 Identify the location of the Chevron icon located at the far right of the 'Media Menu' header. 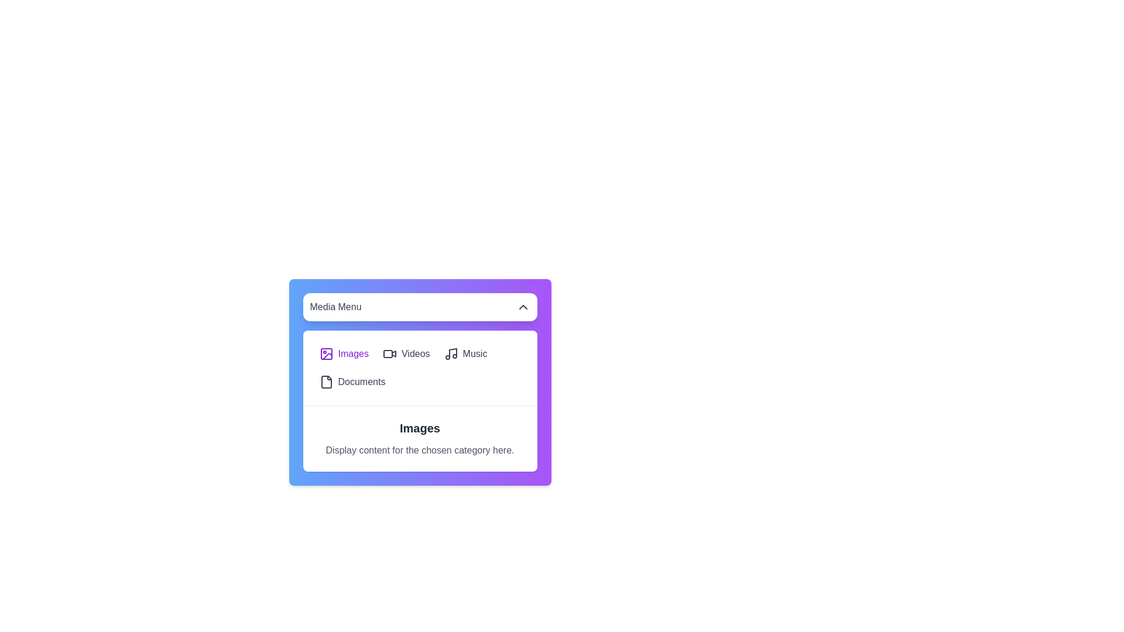
(522, 306).